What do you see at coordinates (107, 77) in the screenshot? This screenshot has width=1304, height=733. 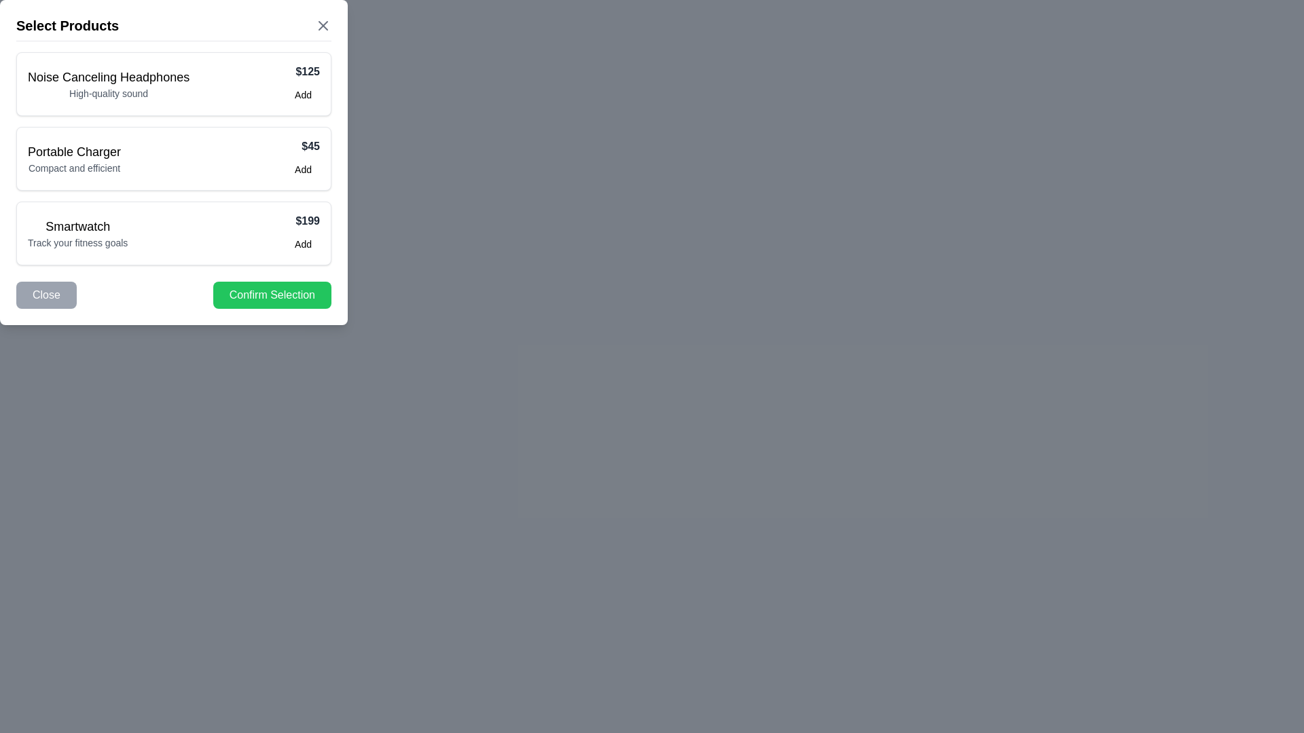 I see `the product name label 'Noise Canceling Headphones'` at bounding box center [107, 77].